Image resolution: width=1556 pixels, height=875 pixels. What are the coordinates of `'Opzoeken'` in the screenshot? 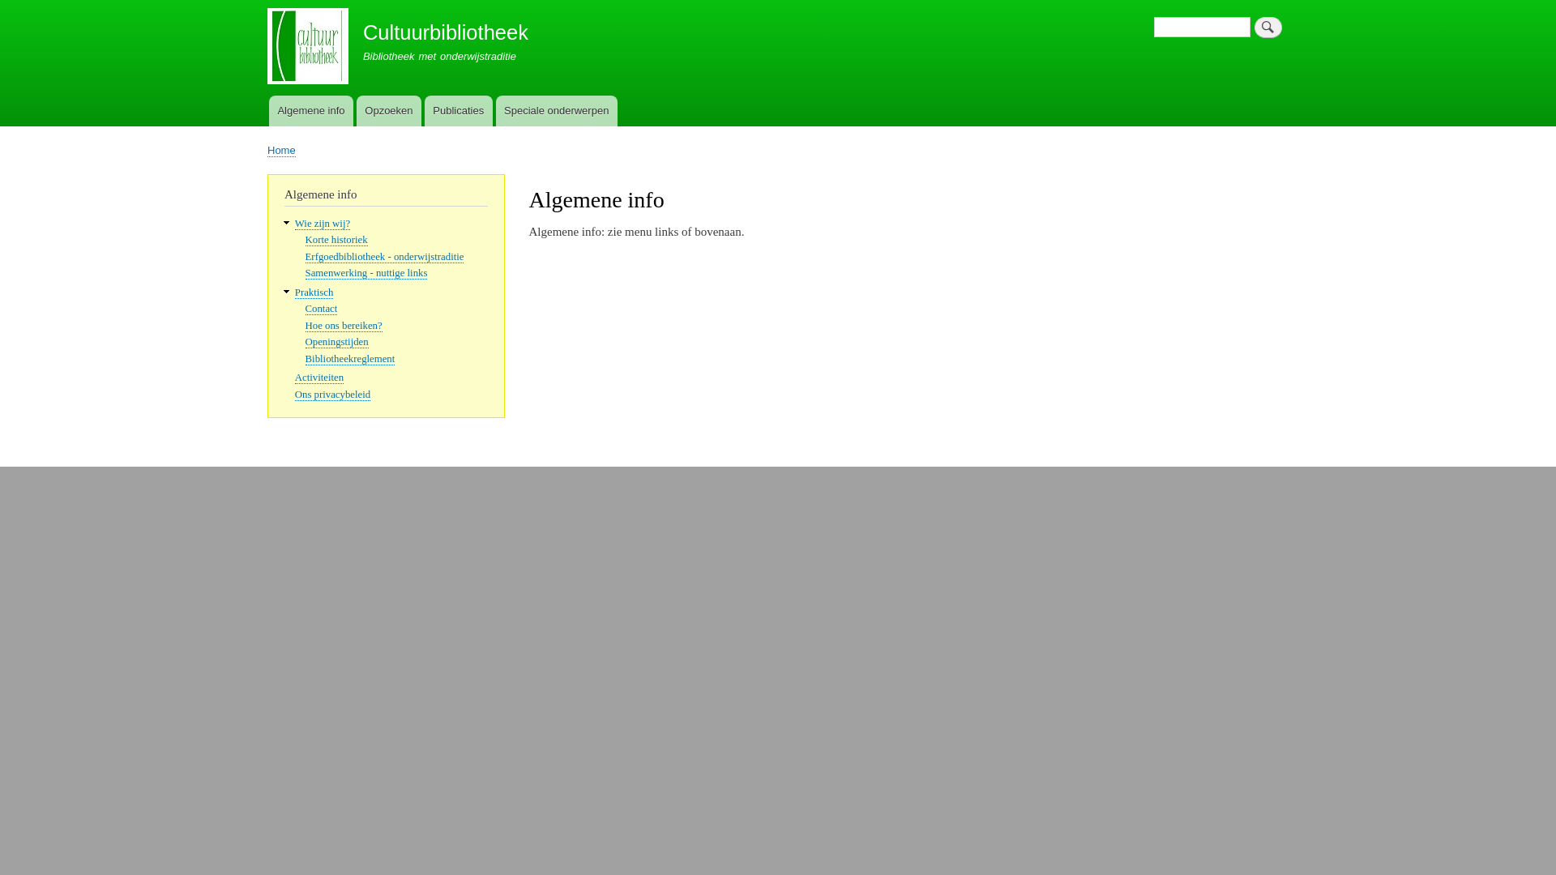 It's located at (356, 110).